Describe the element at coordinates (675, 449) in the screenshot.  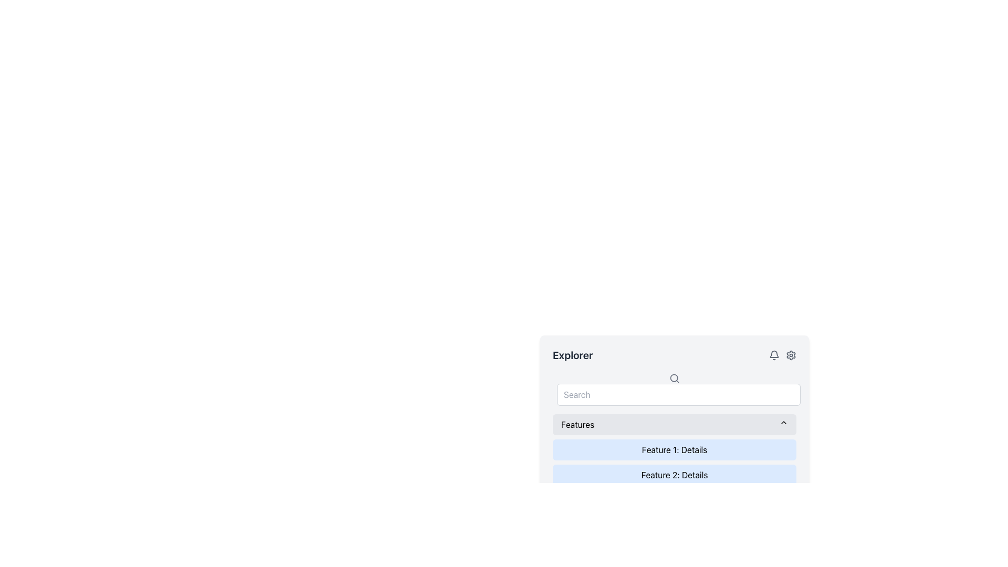
I see `the text label 'Feature 1: Details' with a light blue background` at that location.